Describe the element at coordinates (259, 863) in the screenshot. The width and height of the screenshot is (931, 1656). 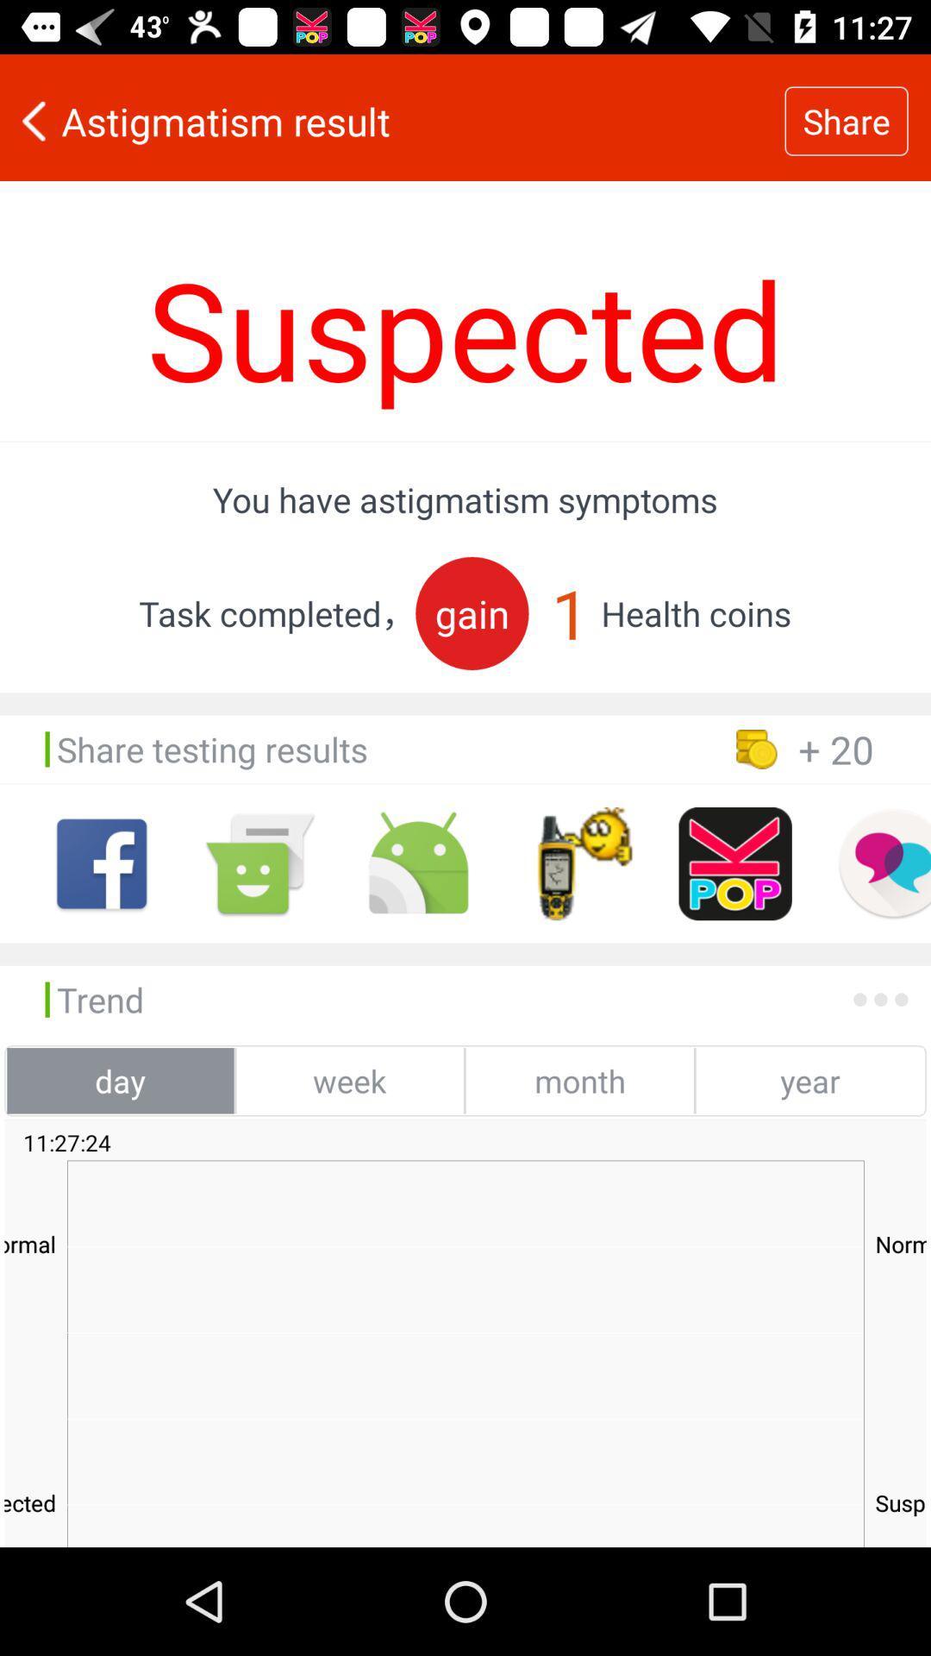
I see `share results in text message` at that location.